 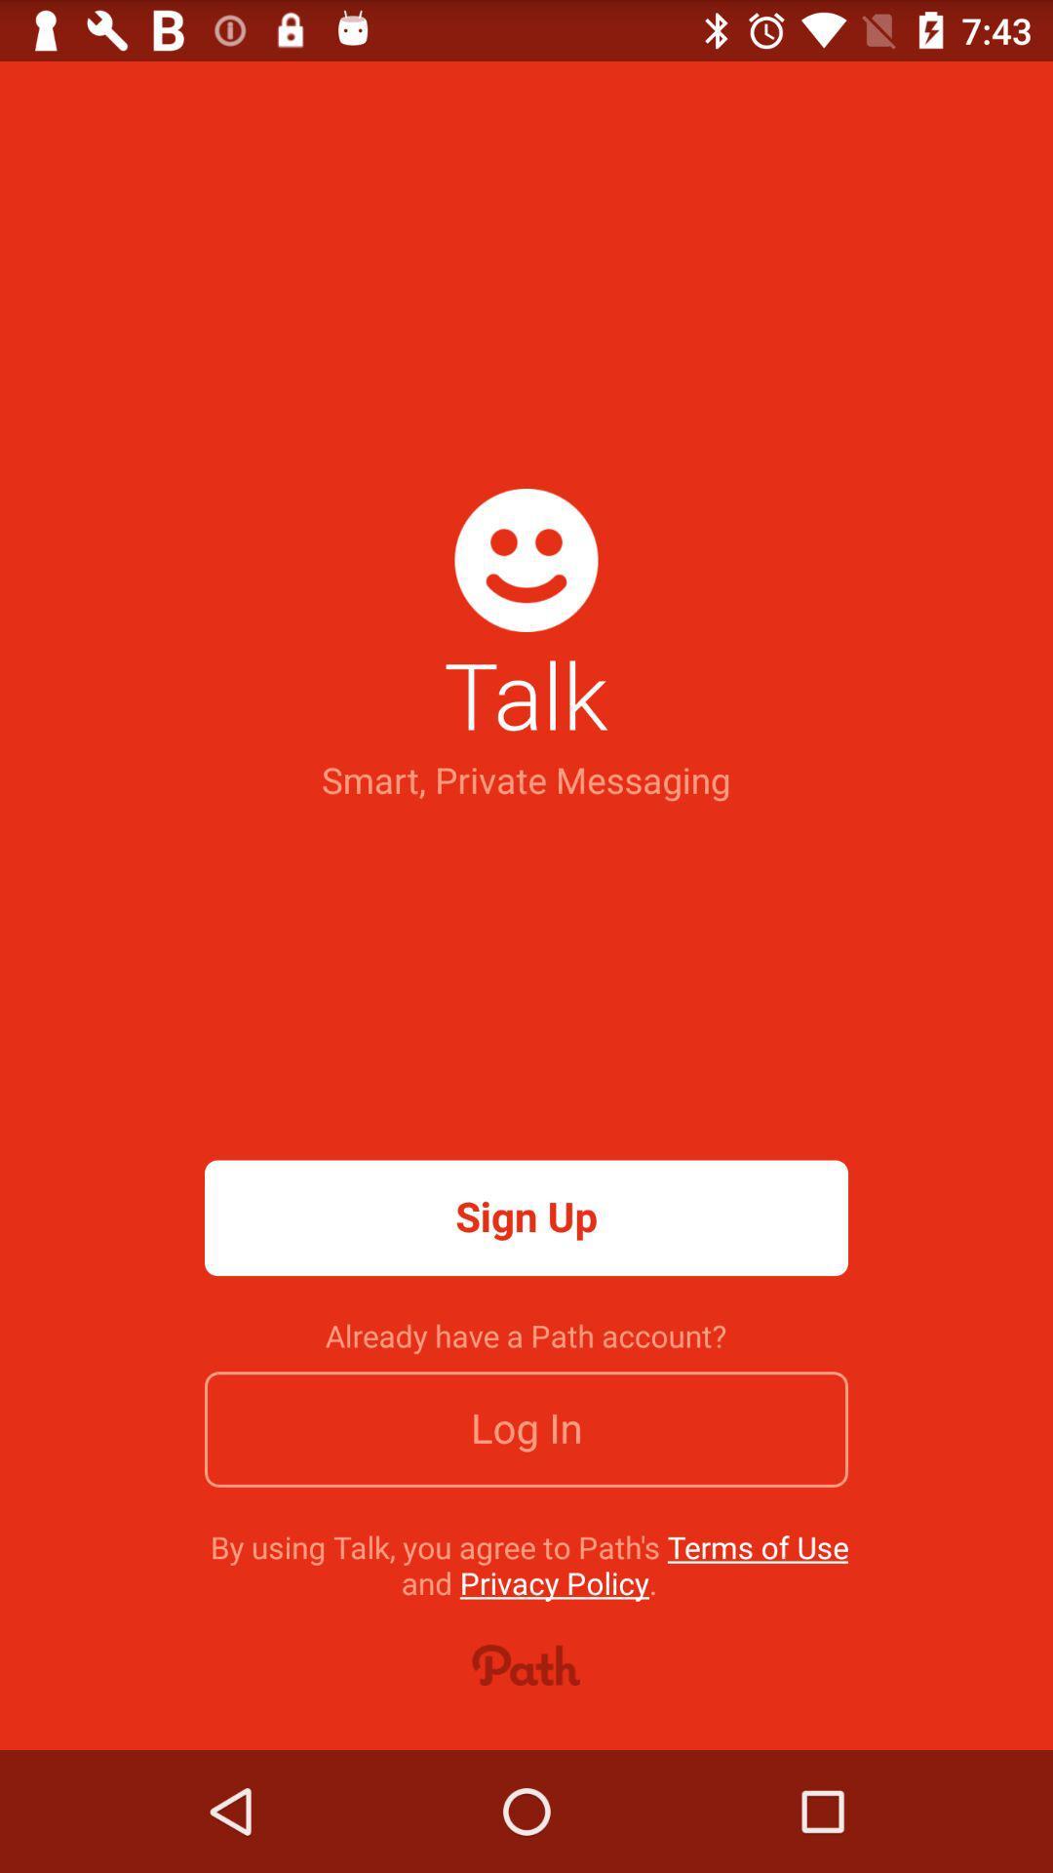 I want to click on icon below the already have a, so click(x=526, y=1429).